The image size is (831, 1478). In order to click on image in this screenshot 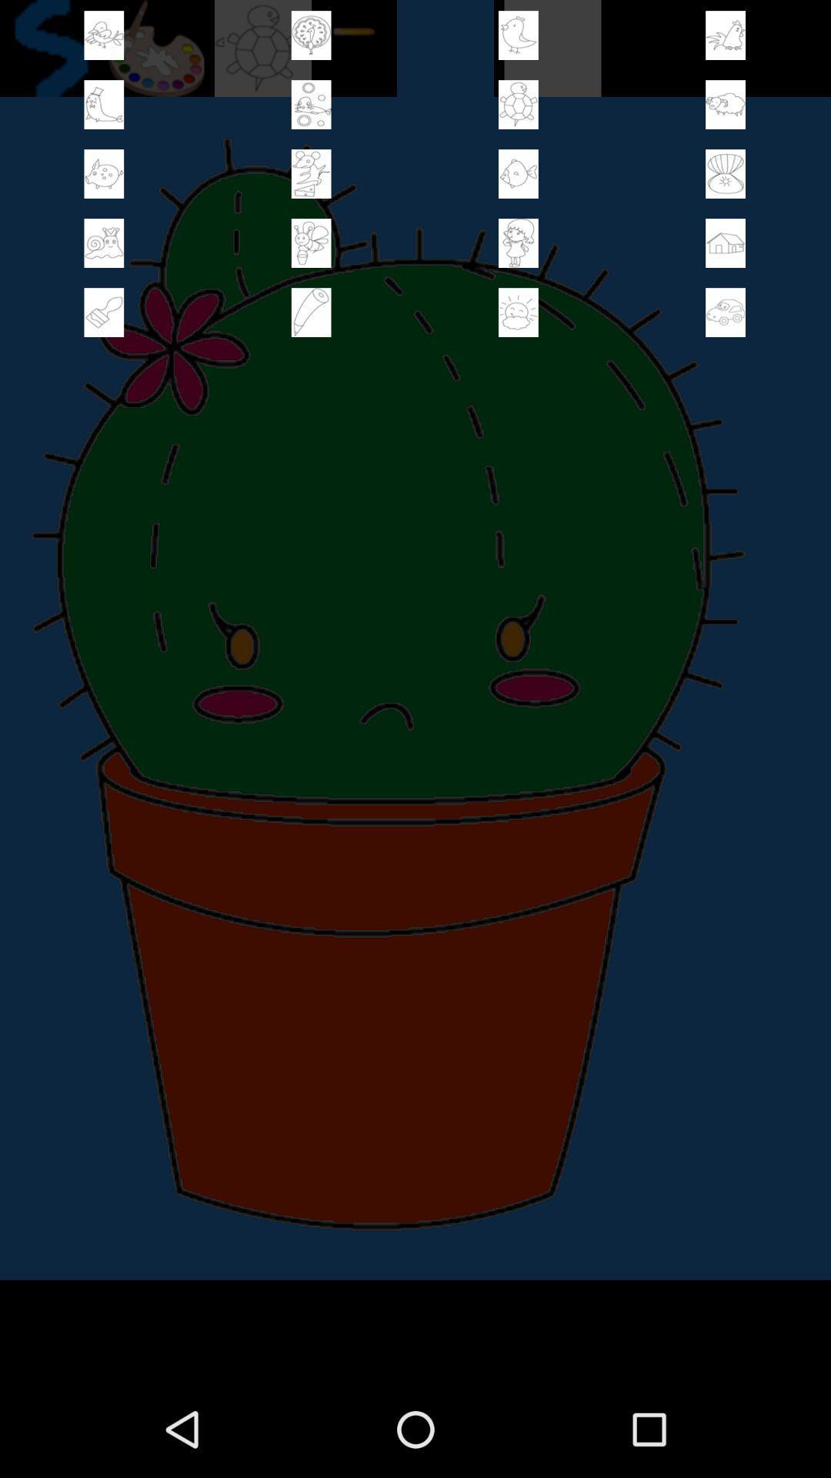, I will do `click(518, 312)`.